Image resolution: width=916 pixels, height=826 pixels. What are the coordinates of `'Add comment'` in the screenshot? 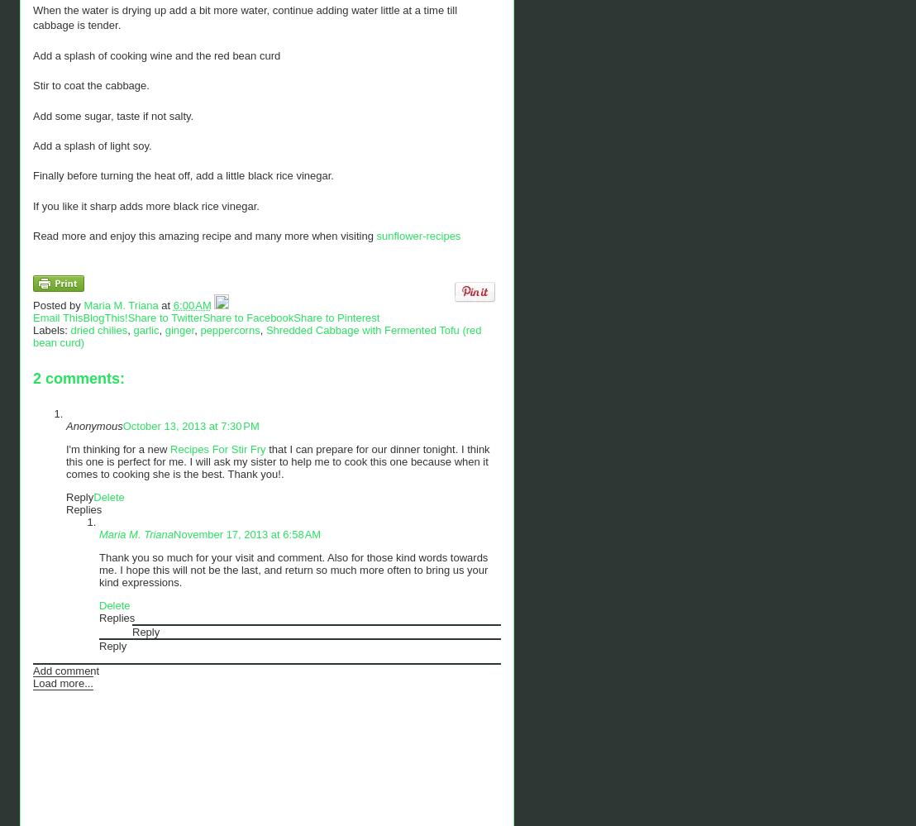 It's located at (64, 670).